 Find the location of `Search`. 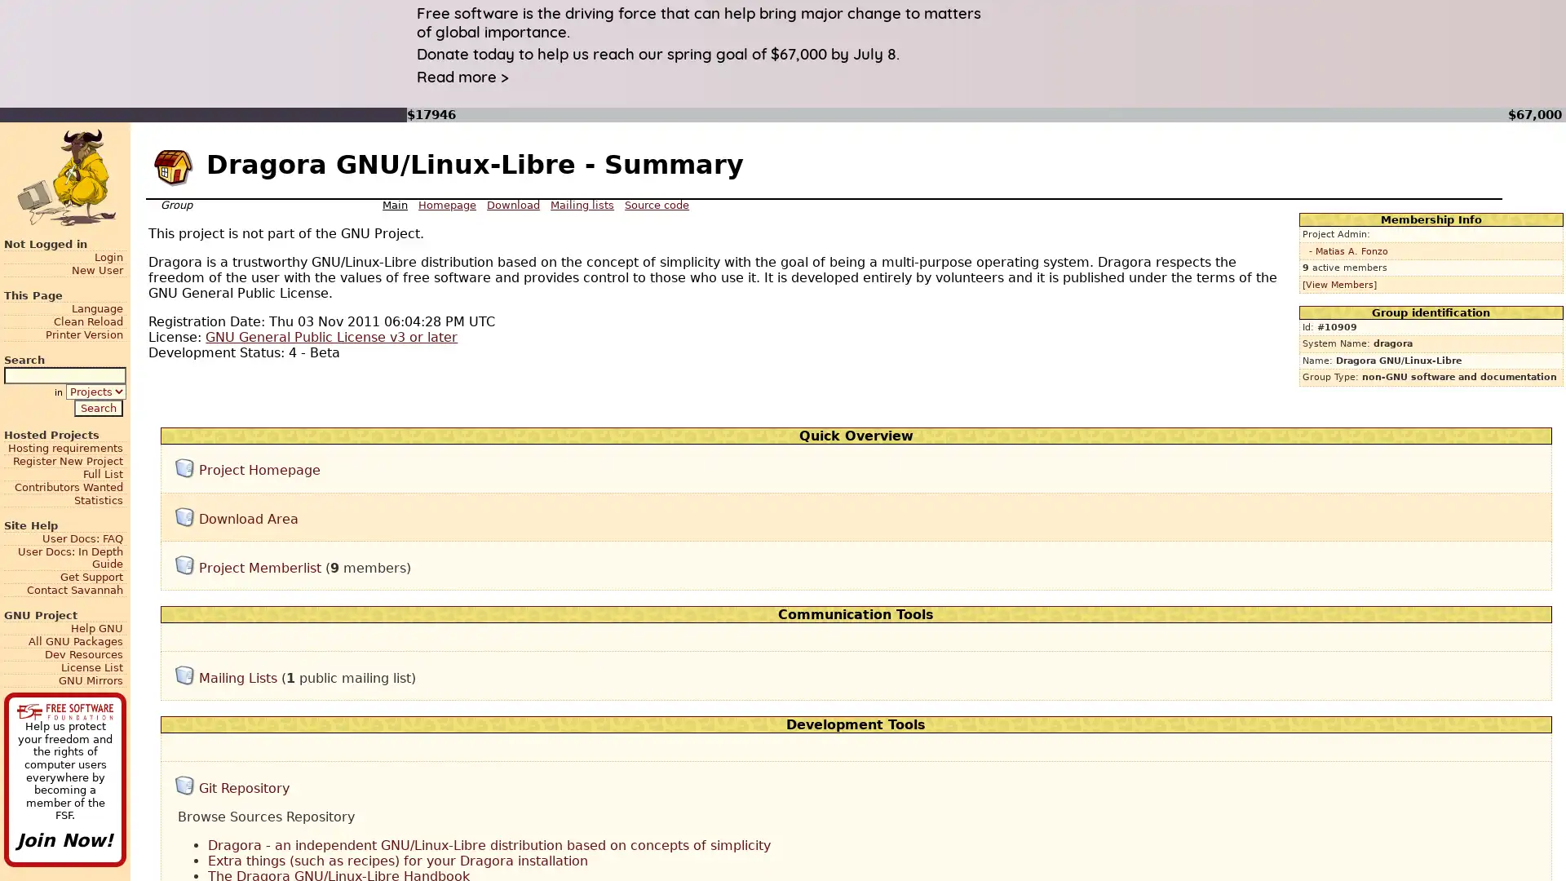

Search is located at coordinates (97, 406).